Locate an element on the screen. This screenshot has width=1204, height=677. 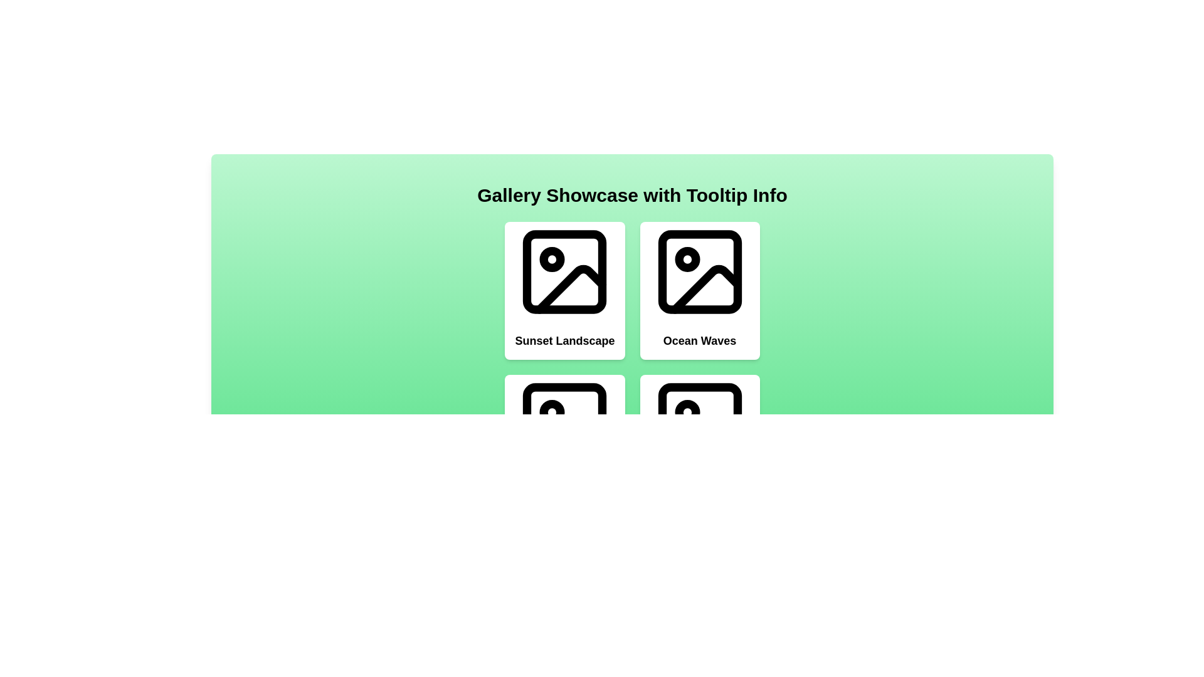
the small circular graphical component with a black outline, located at the top left portion of the image-like icon in the second row, first column of the grid showcasing image cards is located at coordinates (552, 412).